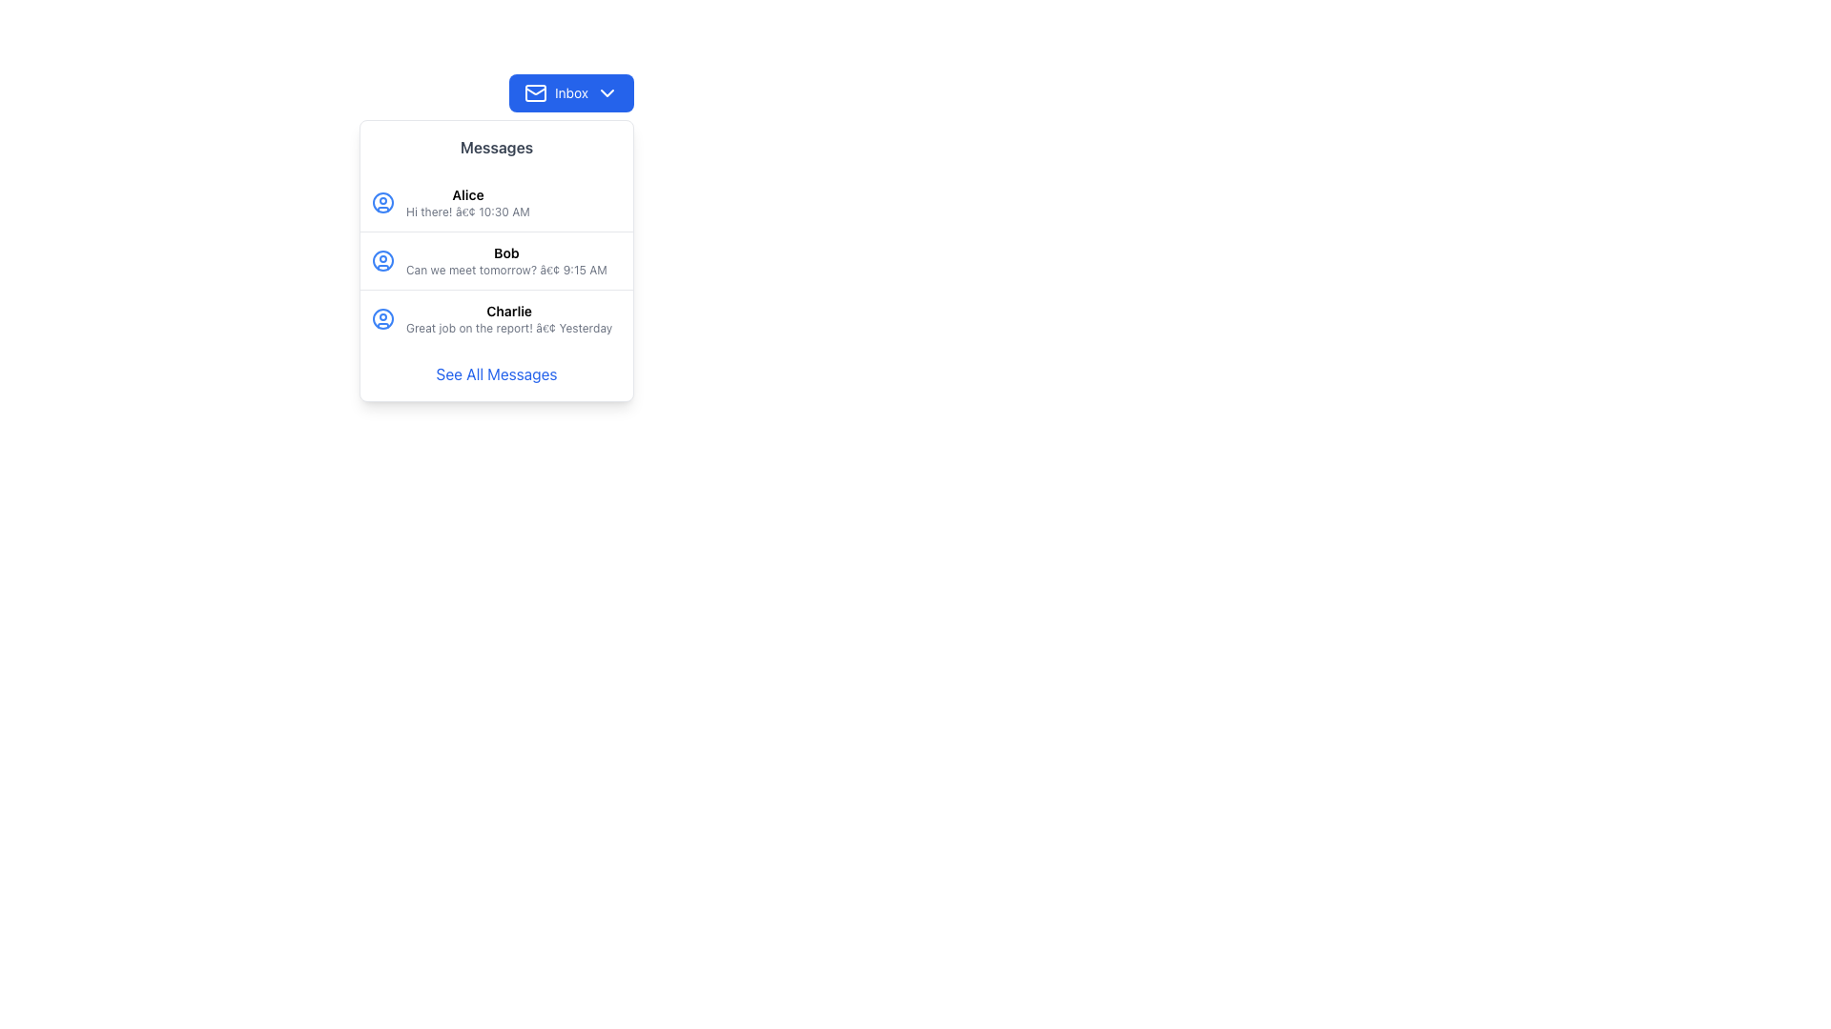 This screenshot has height=1029, width=1831. Describe the element at coordinates (509, 311) in the screenshot. I see `the text label displaying the name 'Charlie', which is part of a messaging list interface and positioned in the third message slot` at that location.